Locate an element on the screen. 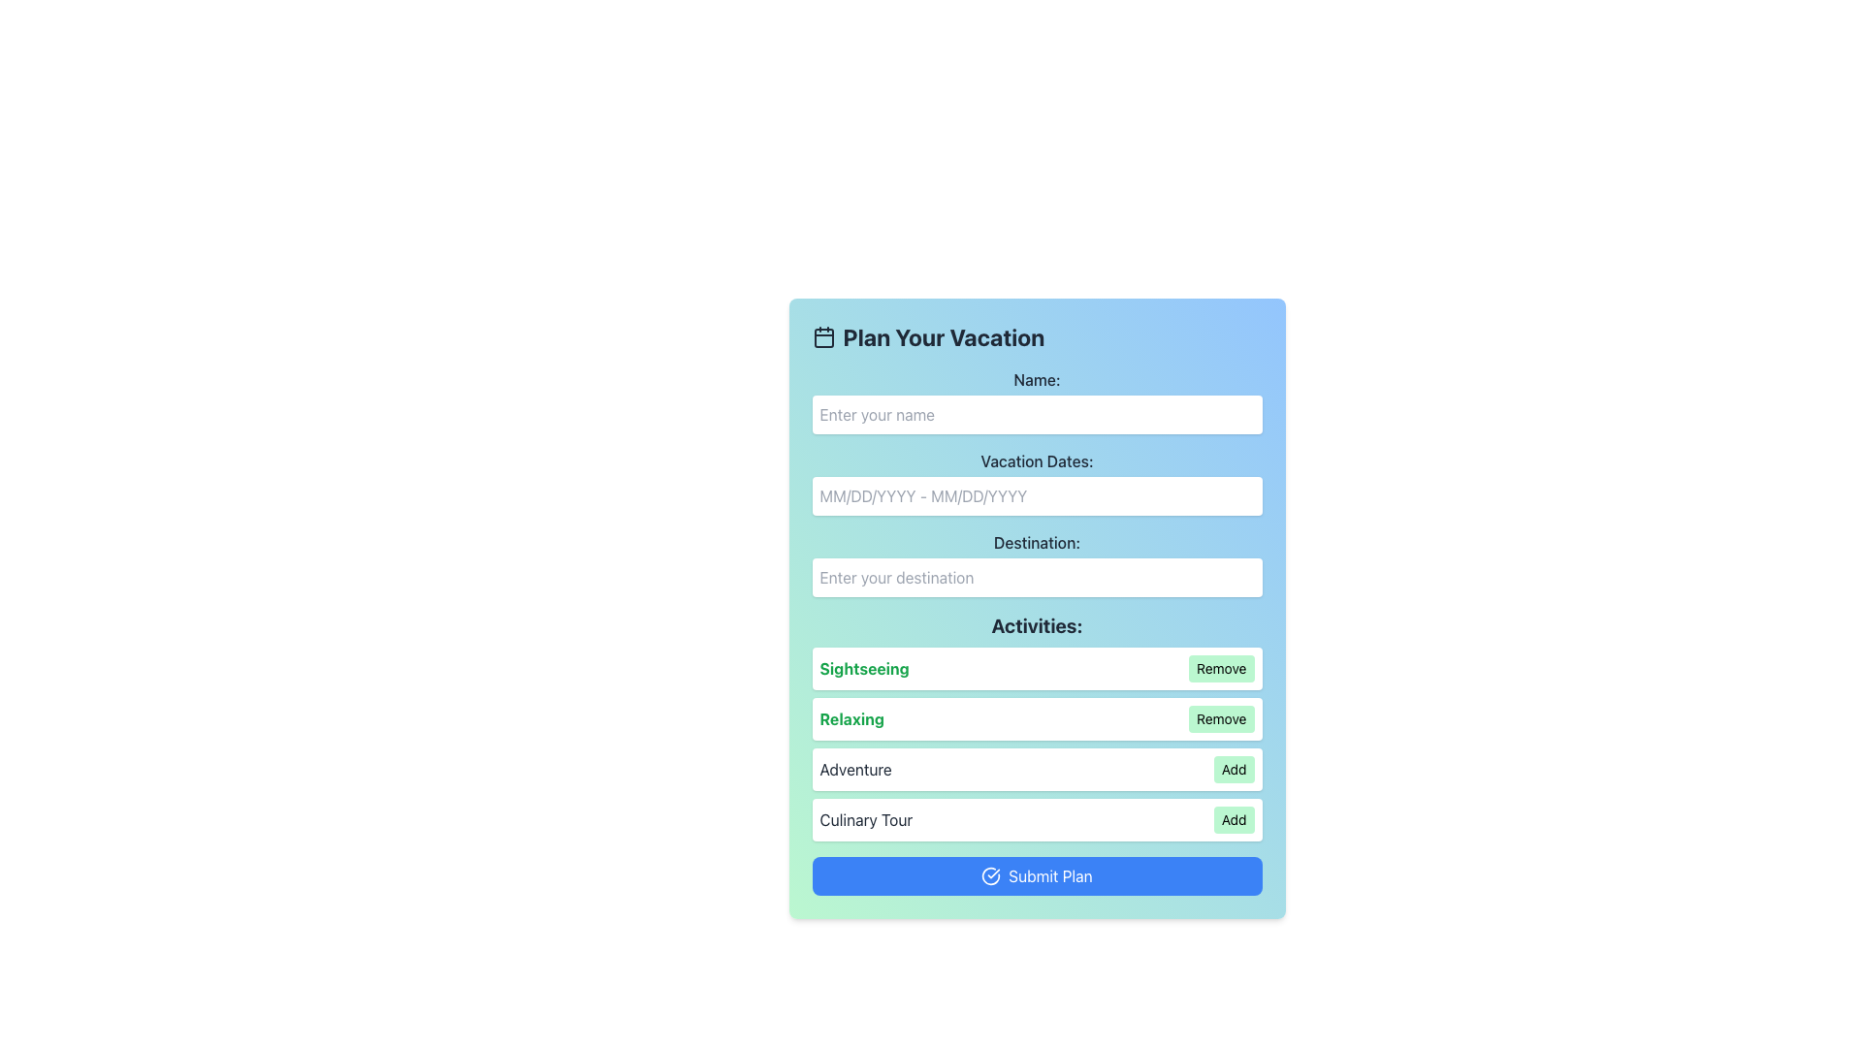 The height and width of the screenshot is (1047, 1862). the text component that describes an activity option, located in the lower section of the form under 'Activities', to the left of the 'Add' button is located at coordinates (865, 819).